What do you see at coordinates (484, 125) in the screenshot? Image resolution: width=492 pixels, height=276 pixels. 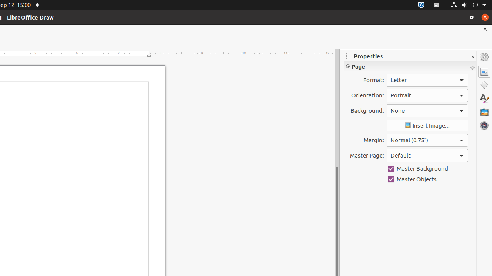 I see `'Navigator'` at bounding box center [484, 125].